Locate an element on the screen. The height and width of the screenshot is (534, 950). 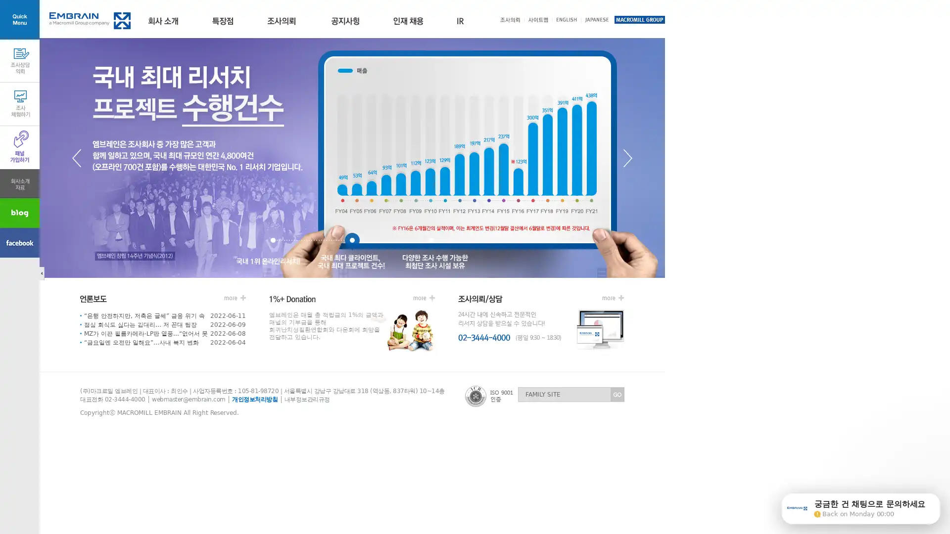
1 is located at coordinates (273, 242).